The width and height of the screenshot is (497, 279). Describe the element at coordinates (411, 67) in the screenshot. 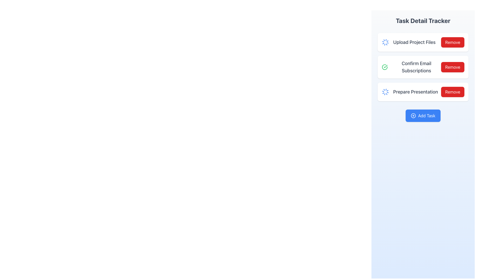

I see `the Text label indicating the action of confirming email subscriptions, which includes a green check icon and is positioned centrally under the 'Task Detail Tracker' section` at that location.